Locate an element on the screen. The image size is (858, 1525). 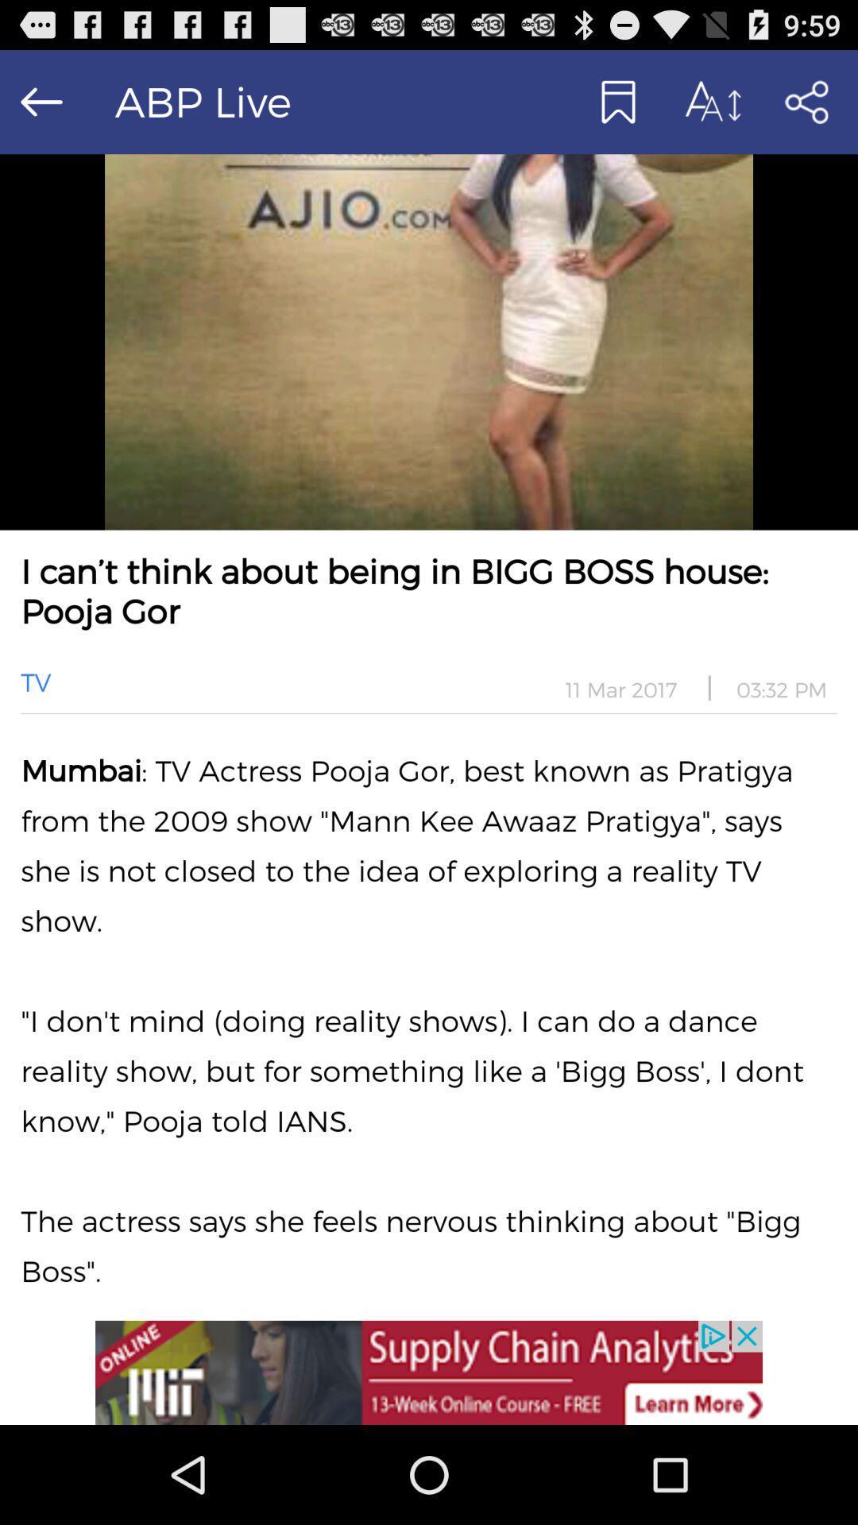
the share icon is located at coordinates (806, 108).